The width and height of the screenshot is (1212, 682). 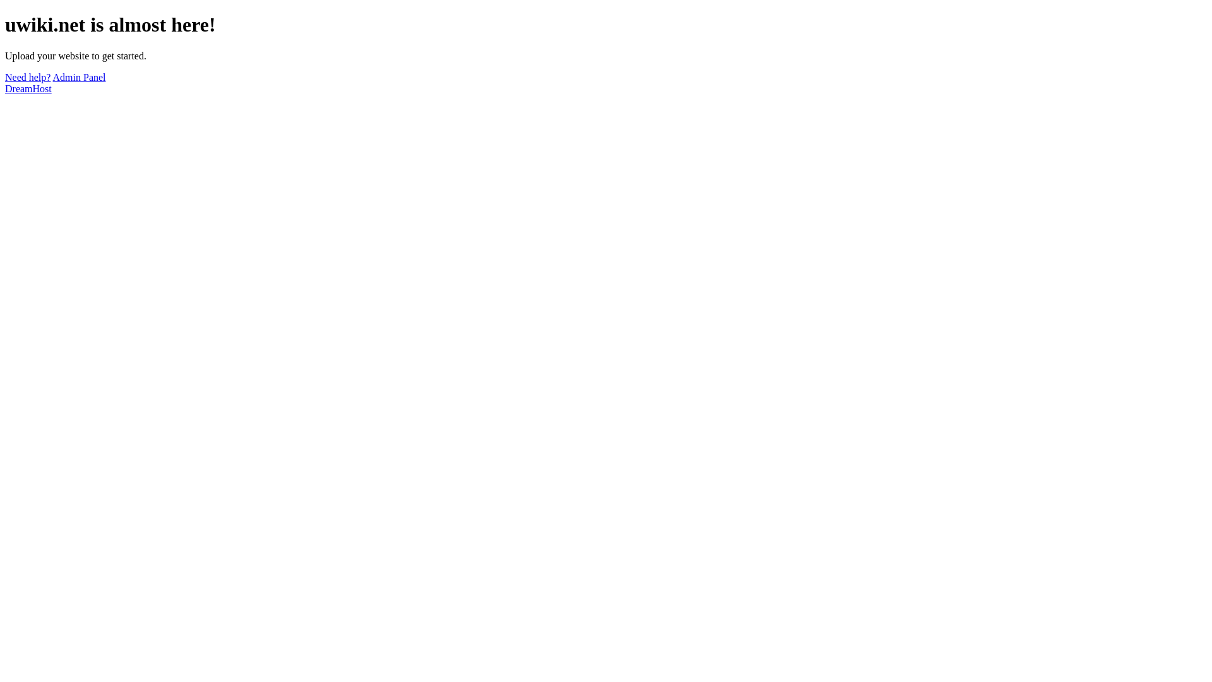 What do you see at coordinates (78, 77) in the screenshot?
I see `'Admin Panel'` at bounding box center [78, 77].